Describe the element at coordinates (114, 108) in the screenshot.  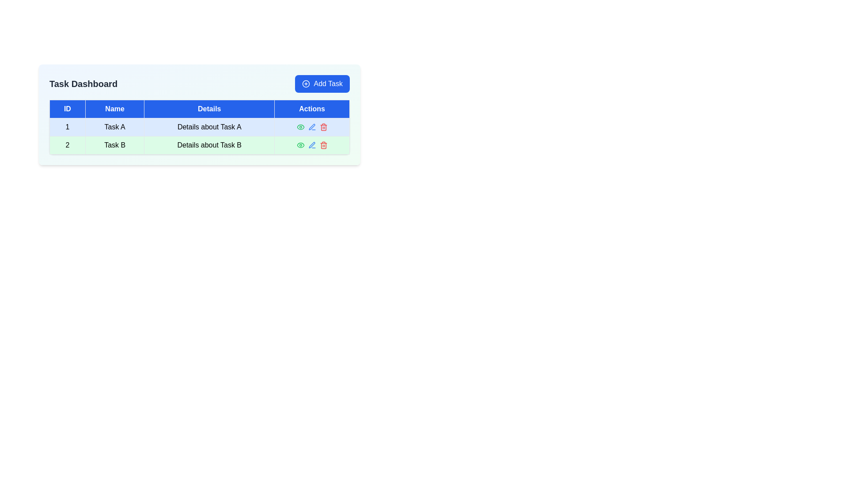
I see `the 'Name' text label, which is displayed in white text centered on a blue rectangular background, positioned between the 'ID' and 'Details' columns in the header row of a table` at that location.